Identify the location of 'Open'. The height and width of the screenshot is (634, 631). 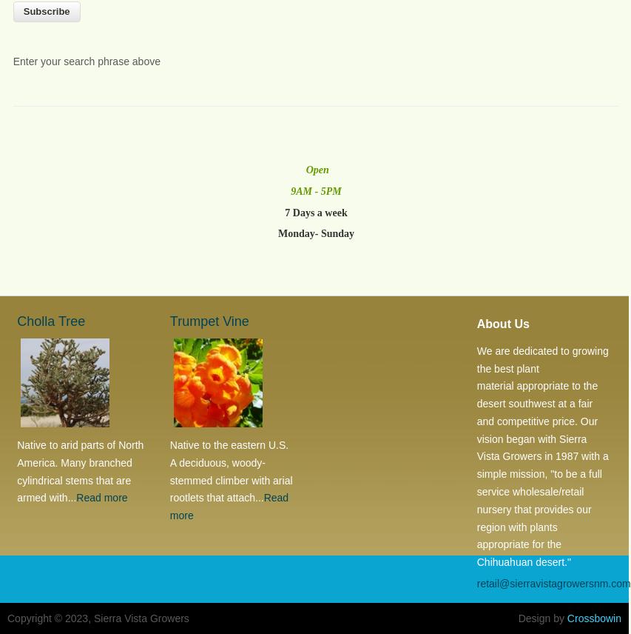
(315, 170).